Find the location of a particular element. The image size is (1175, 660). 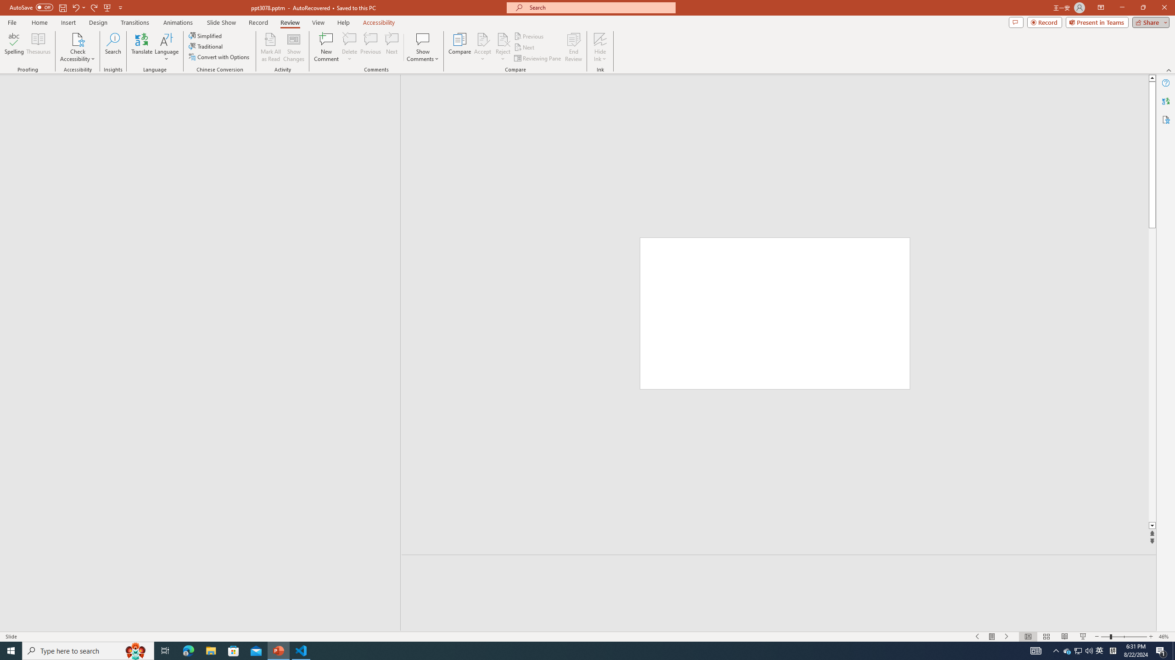

'Previous' is located at coordinates (529, 36).